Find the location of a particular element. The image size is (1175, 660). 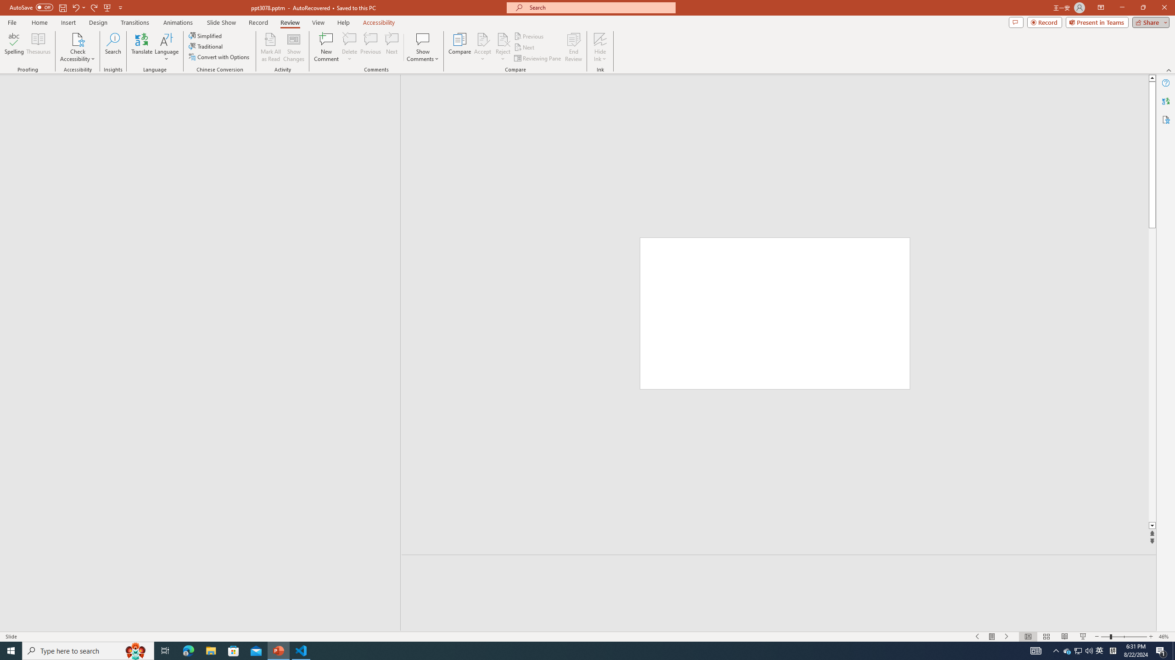

'Previous' is located at coordinates (529, 36).